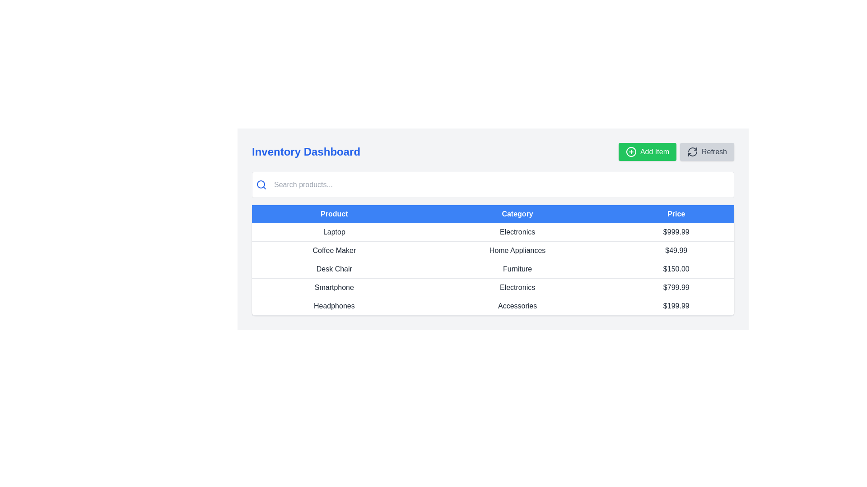  I want to click on the second row of the product table displaying 'Coffee Maker', so click(492, 250).